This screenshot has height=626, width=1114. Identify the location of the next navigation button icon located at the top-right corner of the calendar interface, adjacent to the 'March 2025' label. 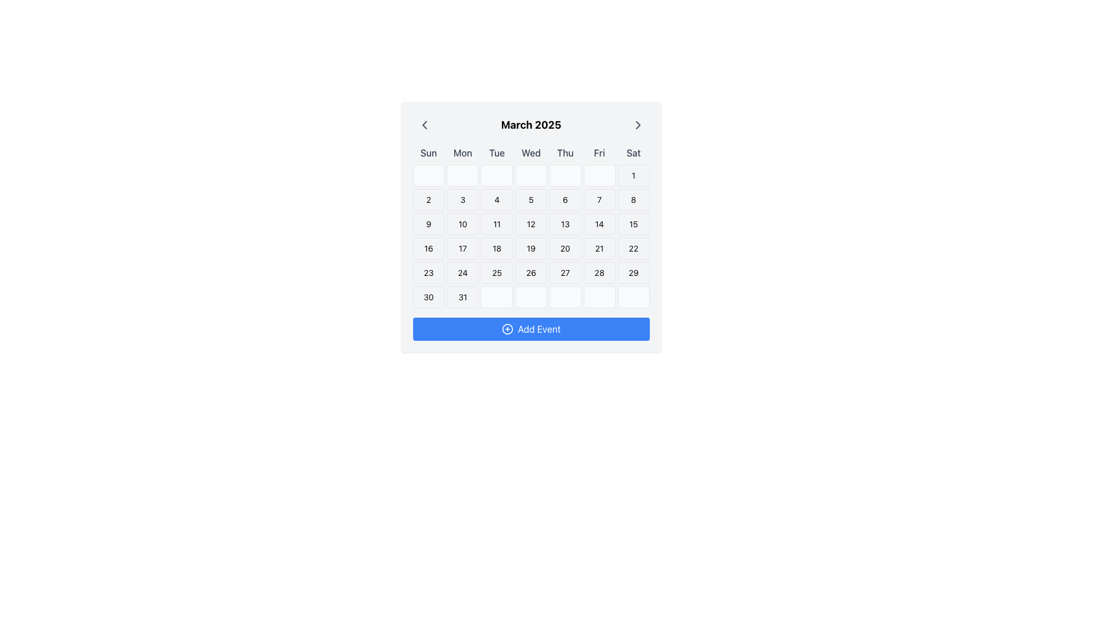
(637, 125).